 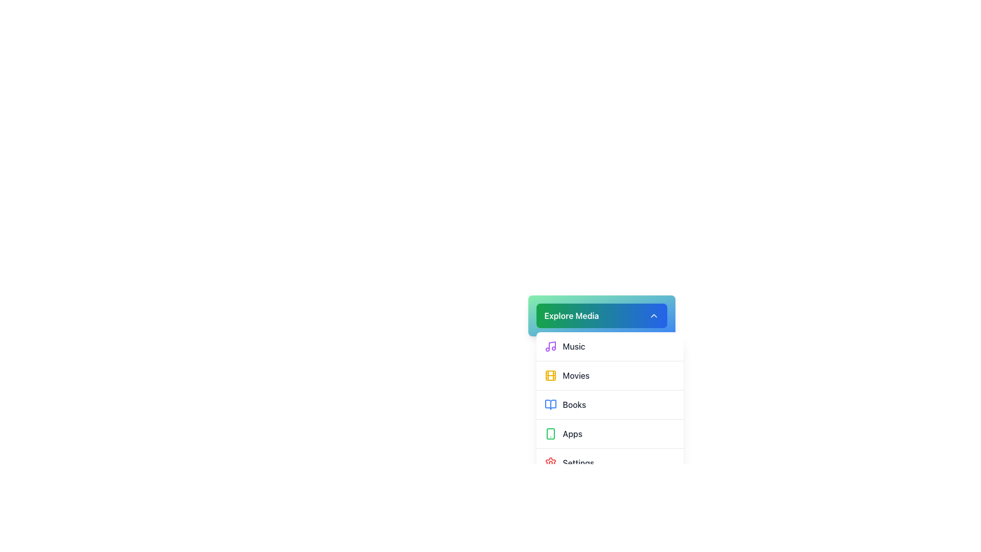 What do you see at coordinates (572, 433) in the screenshot?
I see `text label displaying 'Apps' that is positioned to the right of a small green smartphone icon, located under the 'Books' entry and above the 'Settings' entry in the vertical list labeled 'Explore Media'` at bounding box center [572, 433].